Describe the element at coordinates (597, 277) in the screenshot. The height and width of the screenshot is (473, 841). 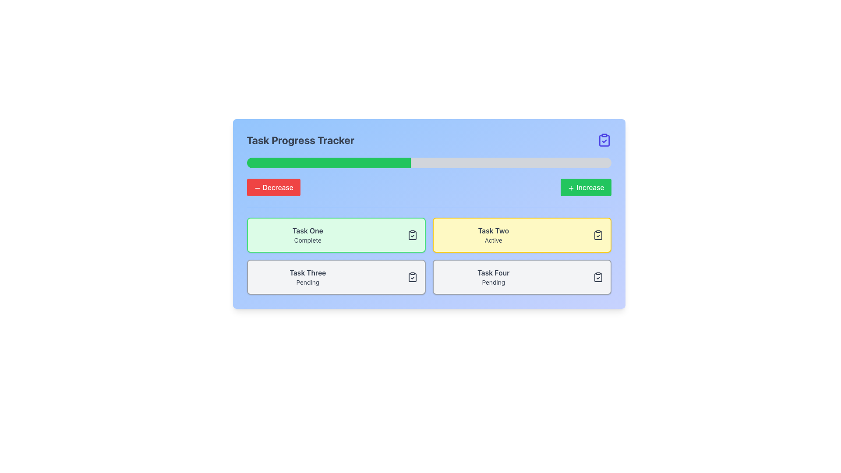
I see `the clipboard outline icon located in the bottom-right corner of the 'Task Two' card with a yellow background` at that location.